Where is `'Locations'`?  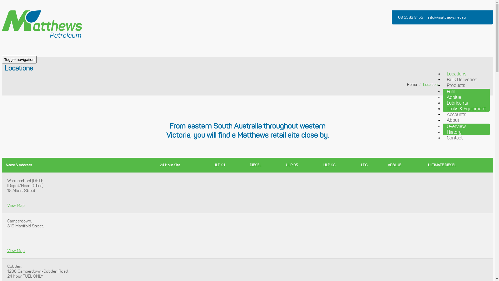
'Locations' is located at coordinates (431, 84).